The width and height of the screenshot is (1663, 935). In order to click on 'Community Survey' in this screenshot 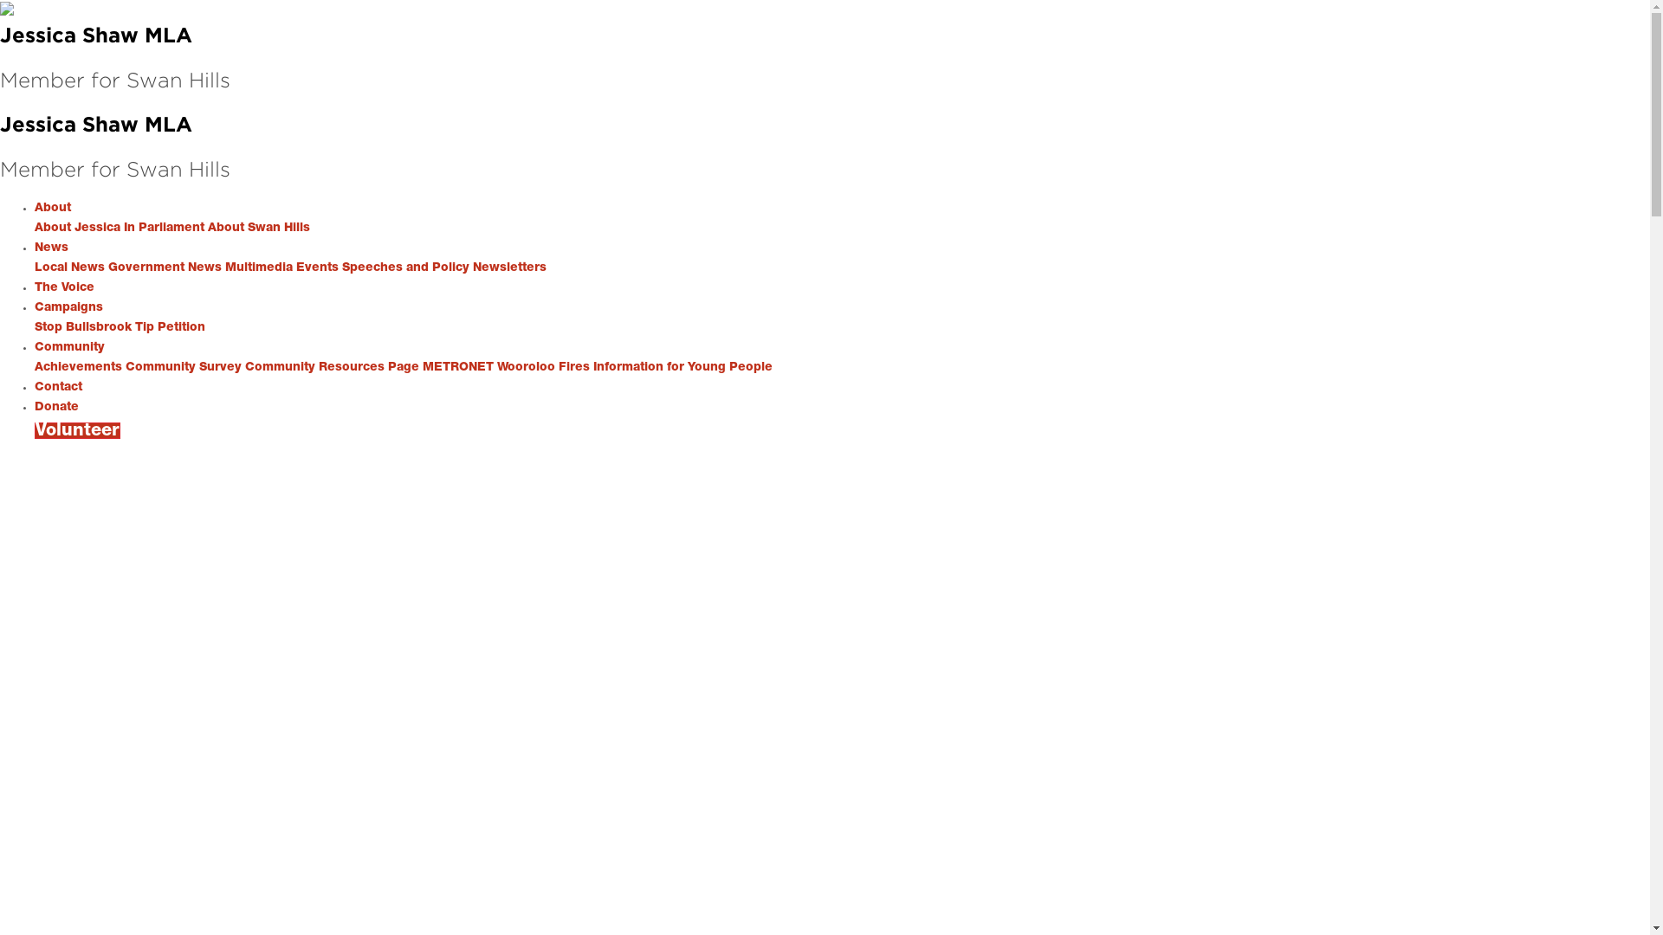, I will do `click(183, 366)`.